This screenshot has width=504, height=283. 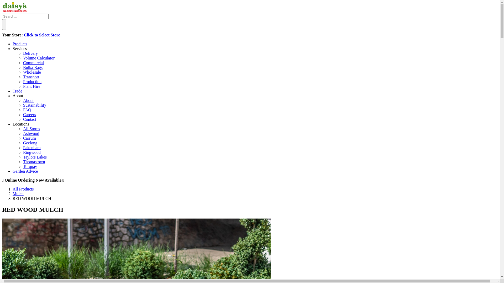 I want to click on 'Carrum', so click(x=29, y=138).